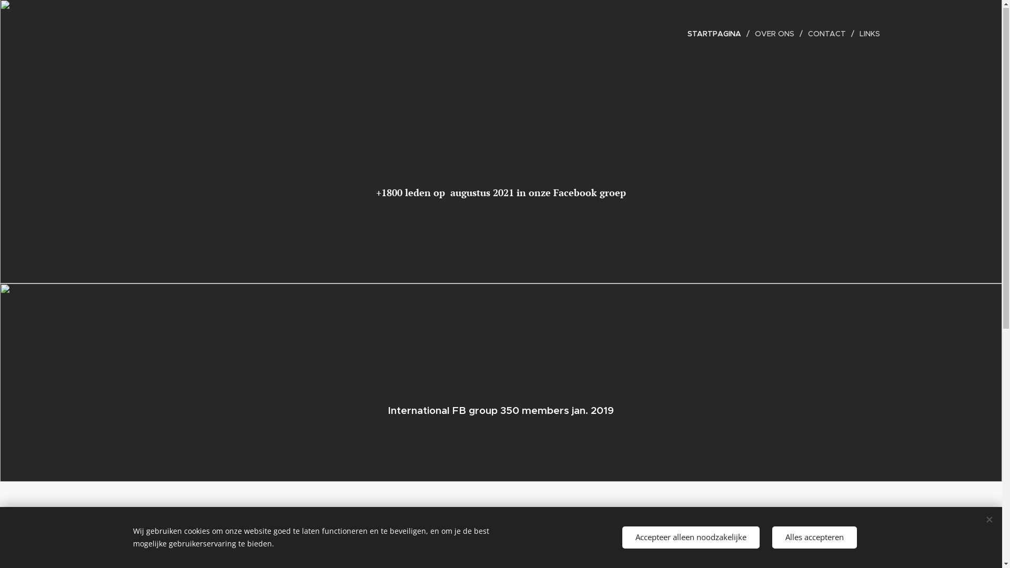 The image size is (1010, 568). Describe the element at coordinates (716, 34) in the screenshot. I see `'STARTPAGINA'` at that location.